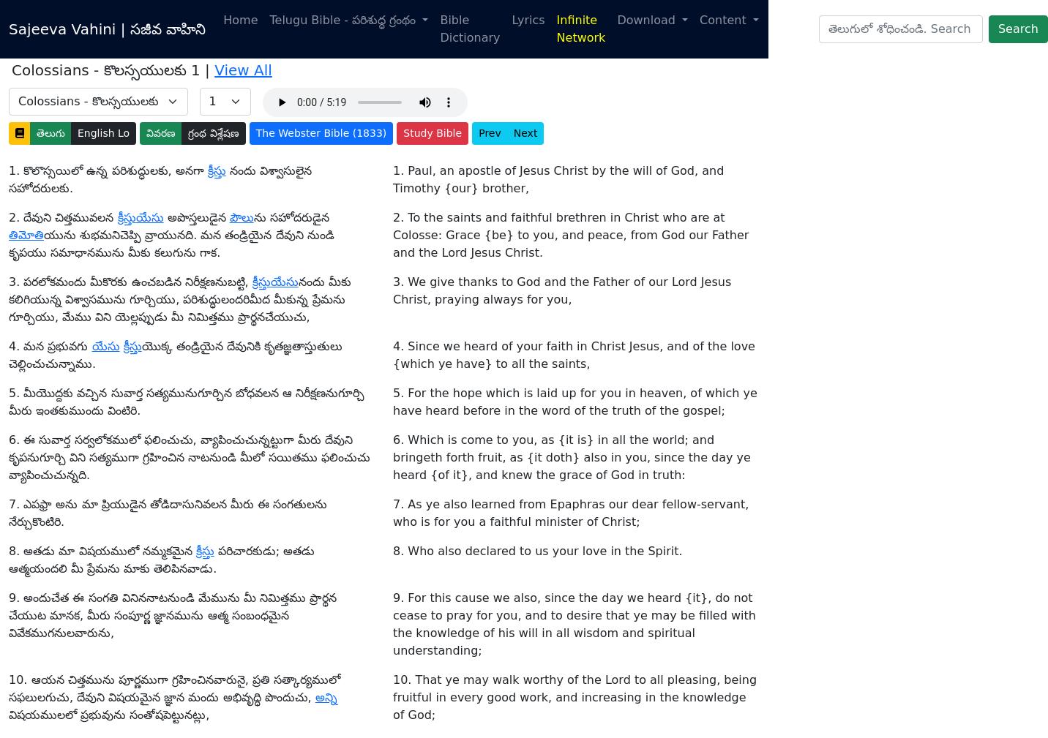 The height and width of the screenshot is (738, 1048). What do you see at coordinates (186, 652) in the screenshot?
I see `'2'` at bounding box center [186, 652].